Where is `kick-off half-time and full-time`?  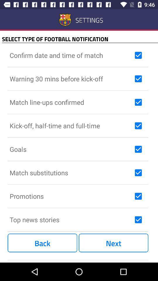
kick-off half-time and full-time is located at coordinates (138, 126).